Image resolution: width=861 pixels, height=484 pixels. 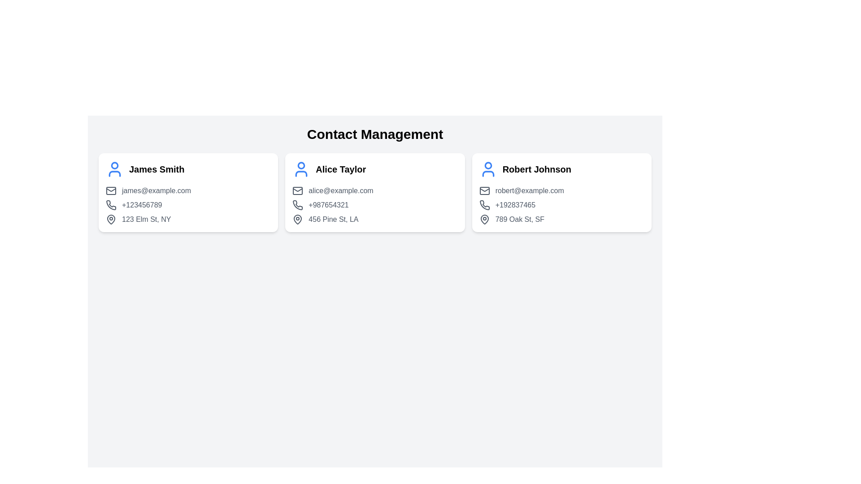 I want to click on the email address displayed in light gray font, which is preceded by an envelope icon and is part of the contact information section for 'Robert Johnson', so click(x=561, y=190).